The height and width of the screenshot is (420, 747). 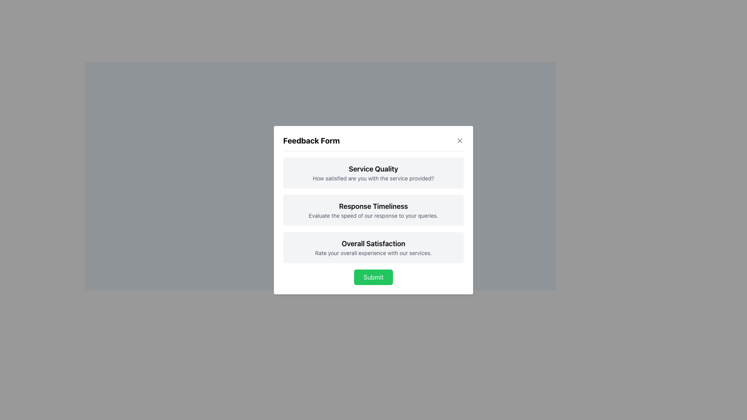 What do you see at coordinates (373, 276) in the screenshot?
I see `the green 'Submit' button located at the bottom-center of the 'Feedback Form' modal to change its background color` at bounding box center [373, 276].